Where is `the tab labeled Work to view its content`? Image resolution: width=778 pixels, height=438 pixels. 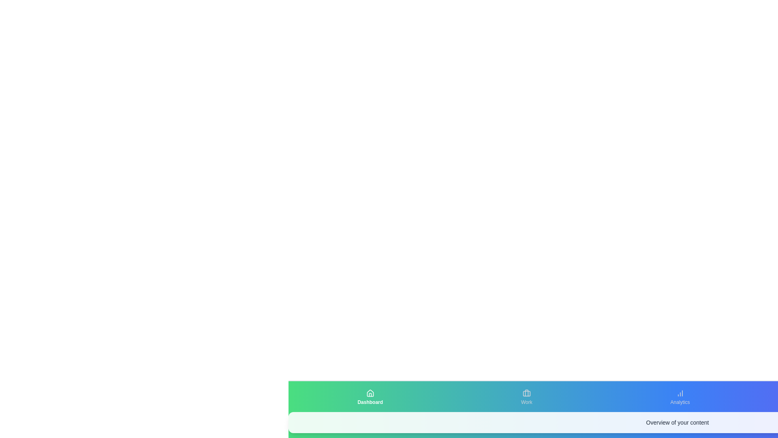 the tab labeled Work to view its content is located at coordinates (526, 397).